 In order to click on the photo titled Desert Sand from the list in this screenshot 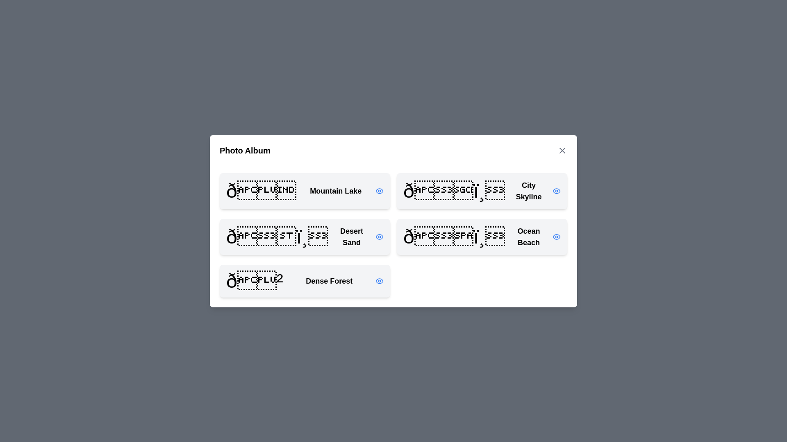, I will do `click(305, 237)`.